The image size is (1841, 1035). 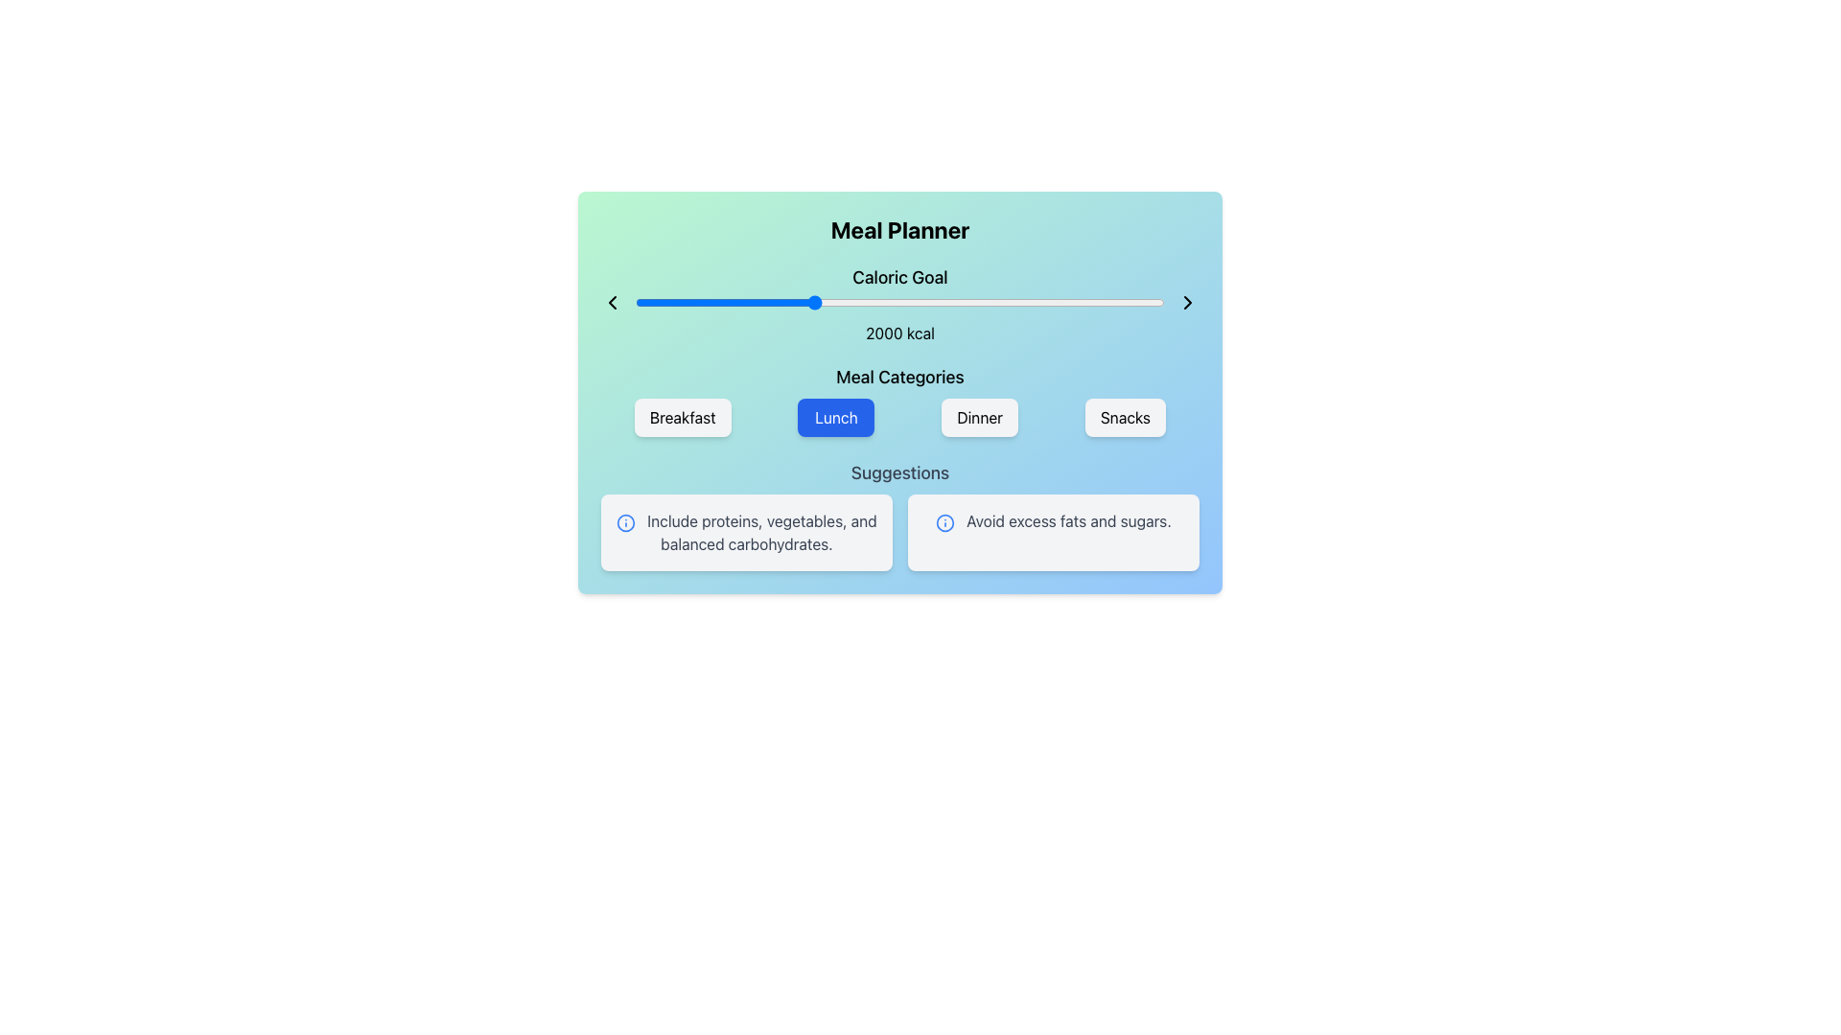 I want to click on the SVG circle component that is part of the information icon located to the left of the 'Avoid excess fats and sugars.' text in the 'Suggestions' section, so click(x=626, y=522).